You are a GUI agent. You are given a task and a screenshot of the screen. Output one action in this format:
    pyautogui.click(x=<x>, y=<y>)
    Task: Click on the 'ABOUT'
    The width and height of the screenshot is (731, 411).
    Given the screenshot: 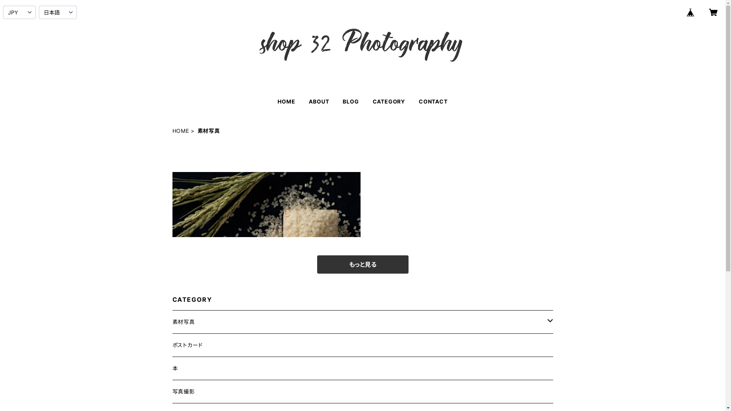 What is the action you would take?
    pyautogui.click(x=319, y=101)
    